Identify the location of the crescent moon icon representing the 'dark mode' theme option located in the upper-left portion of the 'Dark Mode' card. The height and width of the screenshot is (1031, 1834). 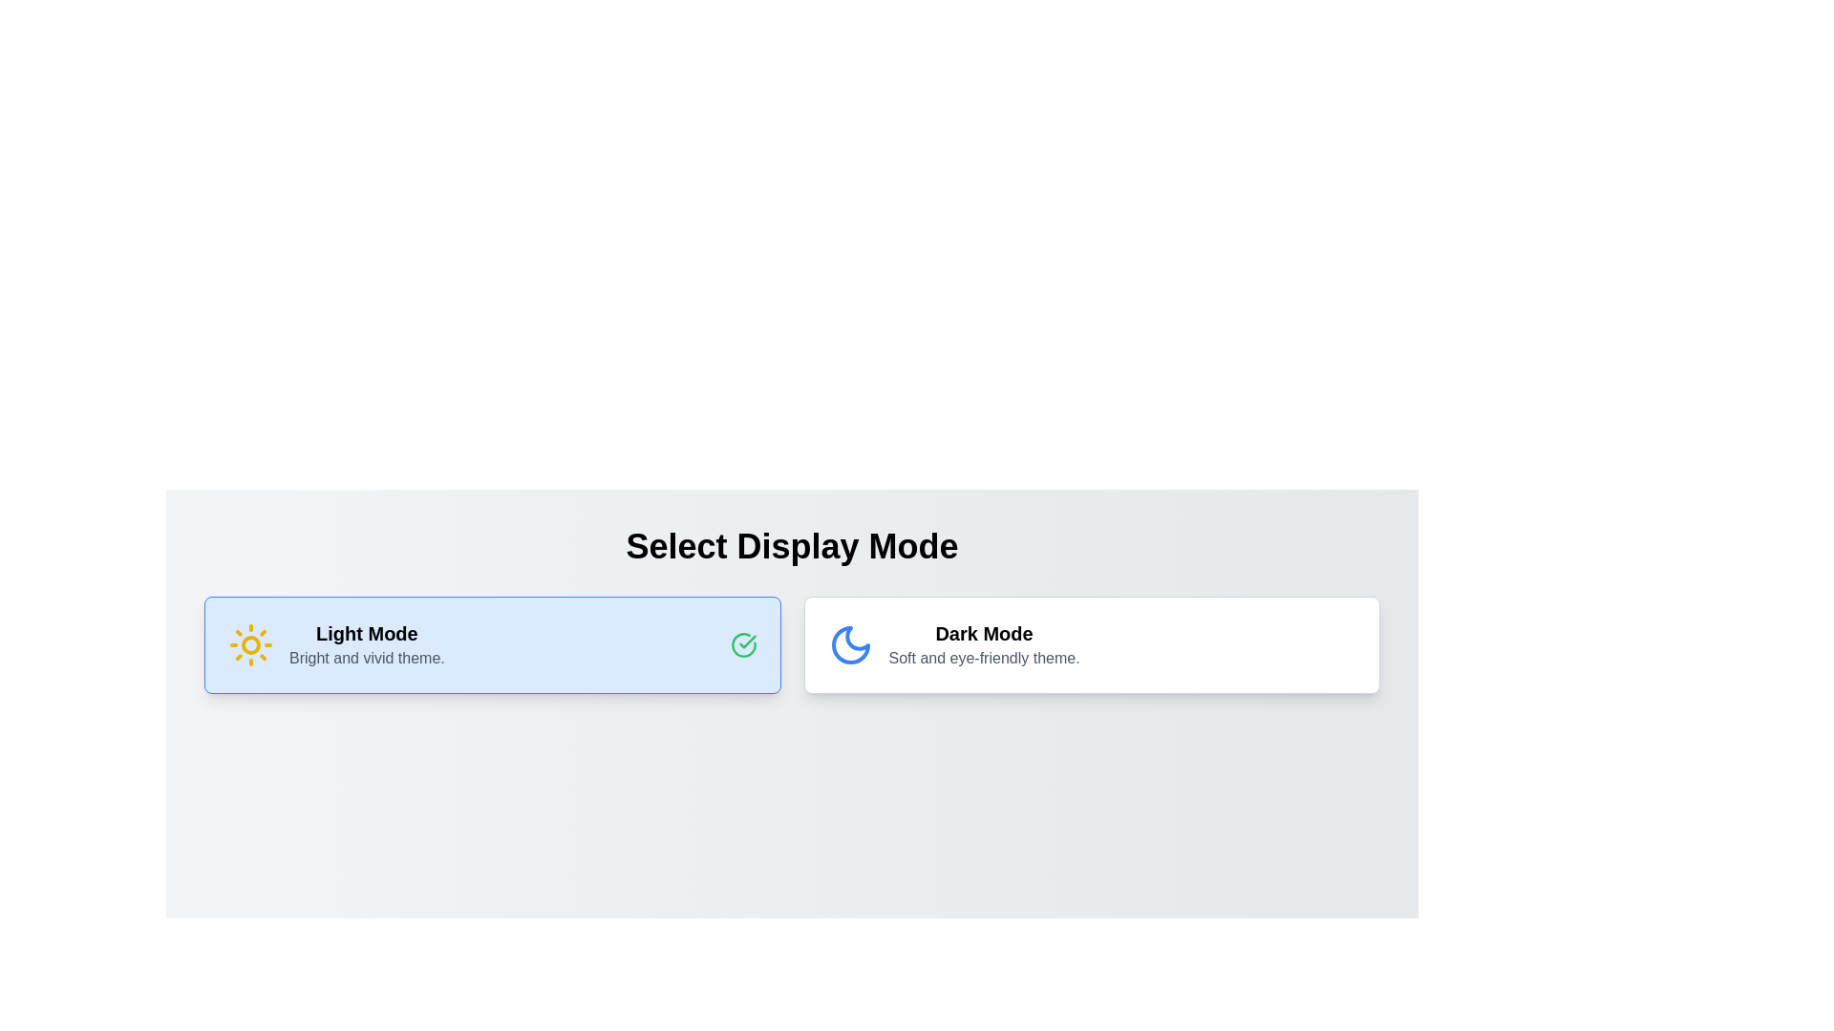
(849, 644).